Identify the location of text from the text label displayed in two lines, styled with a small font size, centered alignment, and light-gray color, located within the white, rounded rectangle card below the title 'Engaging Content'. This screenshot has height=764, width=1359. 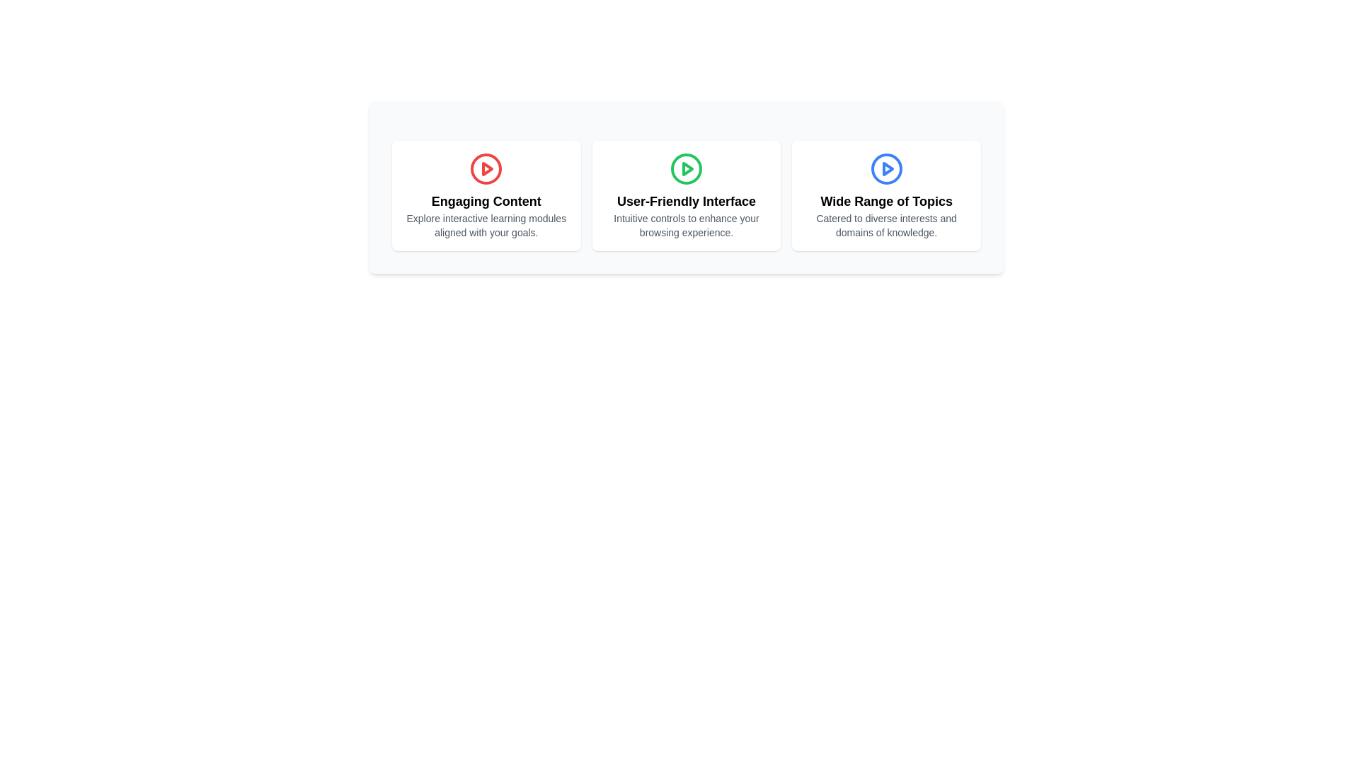
(486, 225).